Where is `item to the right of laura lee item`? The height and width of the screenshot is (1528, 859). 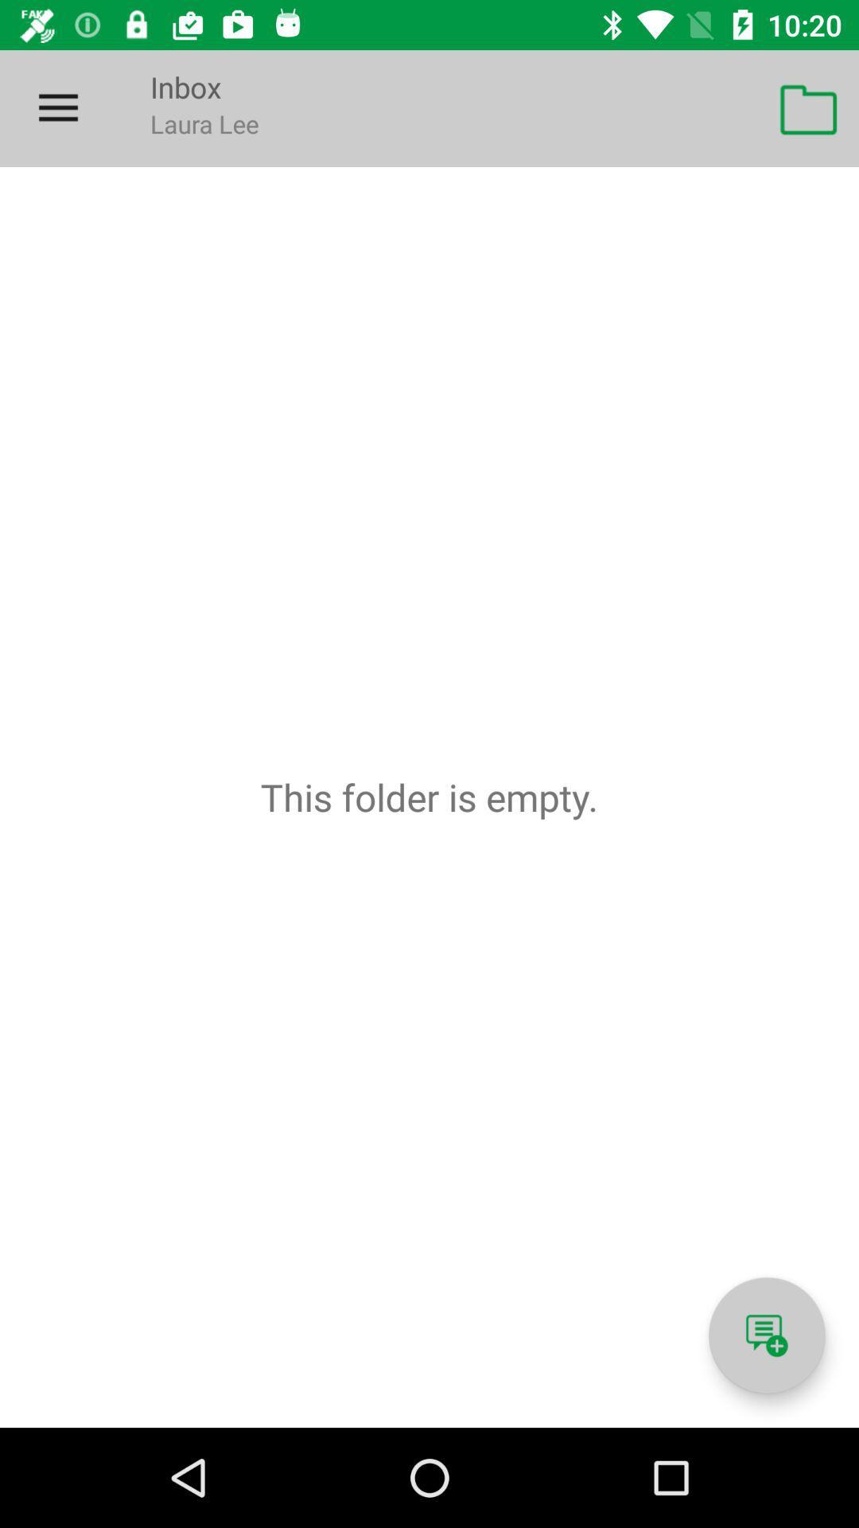 item to the right of laura lee item is located at coordinates (809, 107).